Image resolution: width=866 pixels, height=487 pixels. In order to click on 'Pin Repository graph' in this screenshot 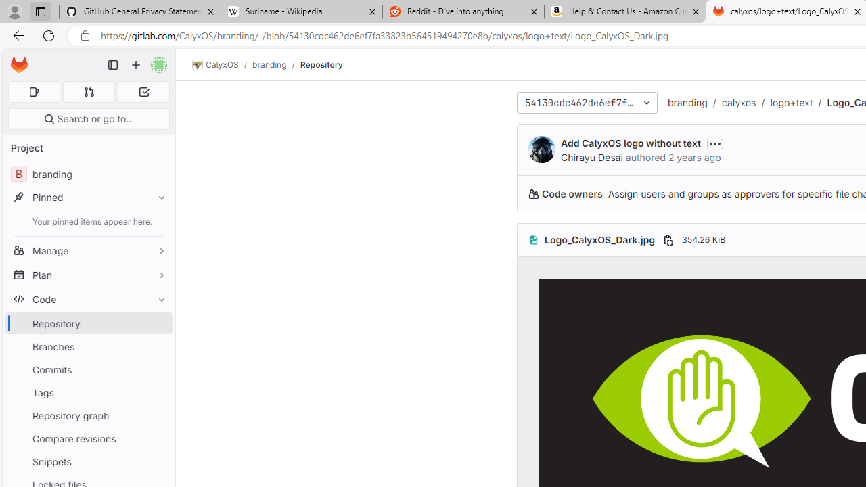, I will do `click(158, 415)`.